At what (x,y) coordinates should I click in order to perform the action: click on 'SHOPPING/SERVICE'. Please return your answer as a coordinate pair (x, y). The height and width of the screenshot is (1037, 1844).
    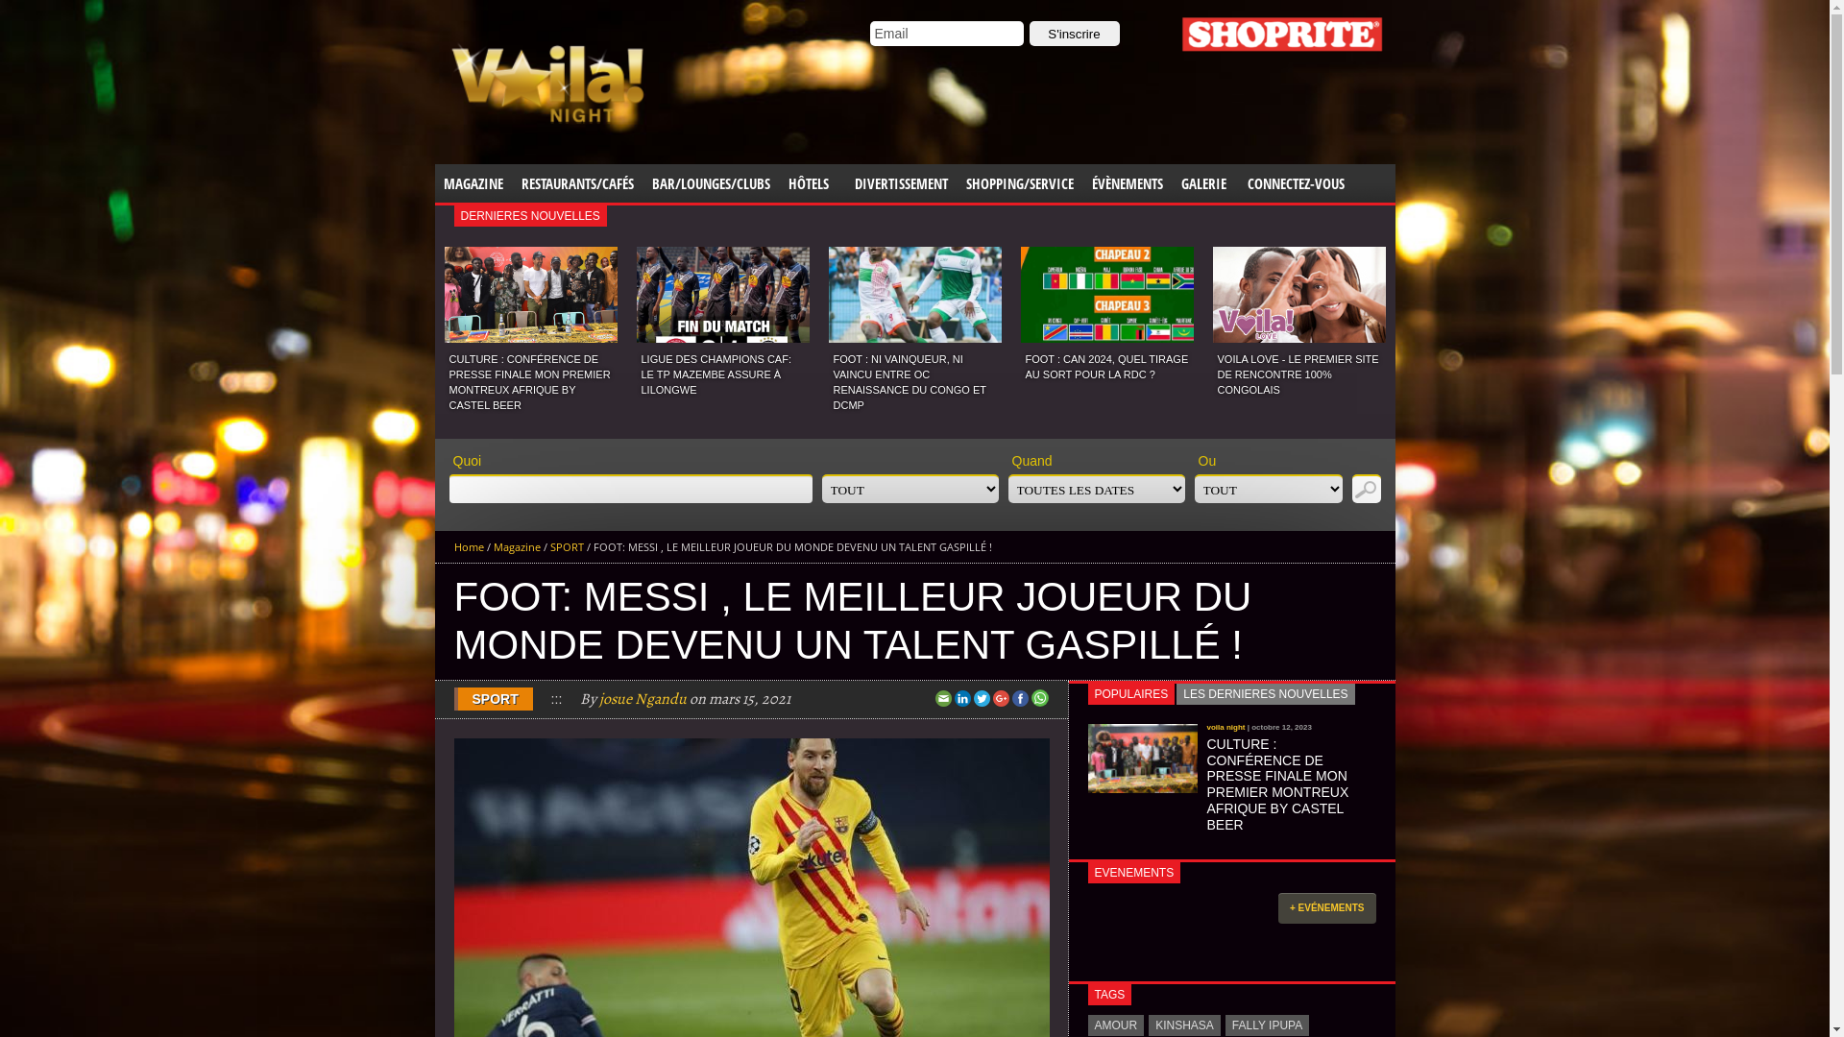
    Looking at the image, I should click on (1017, 182).